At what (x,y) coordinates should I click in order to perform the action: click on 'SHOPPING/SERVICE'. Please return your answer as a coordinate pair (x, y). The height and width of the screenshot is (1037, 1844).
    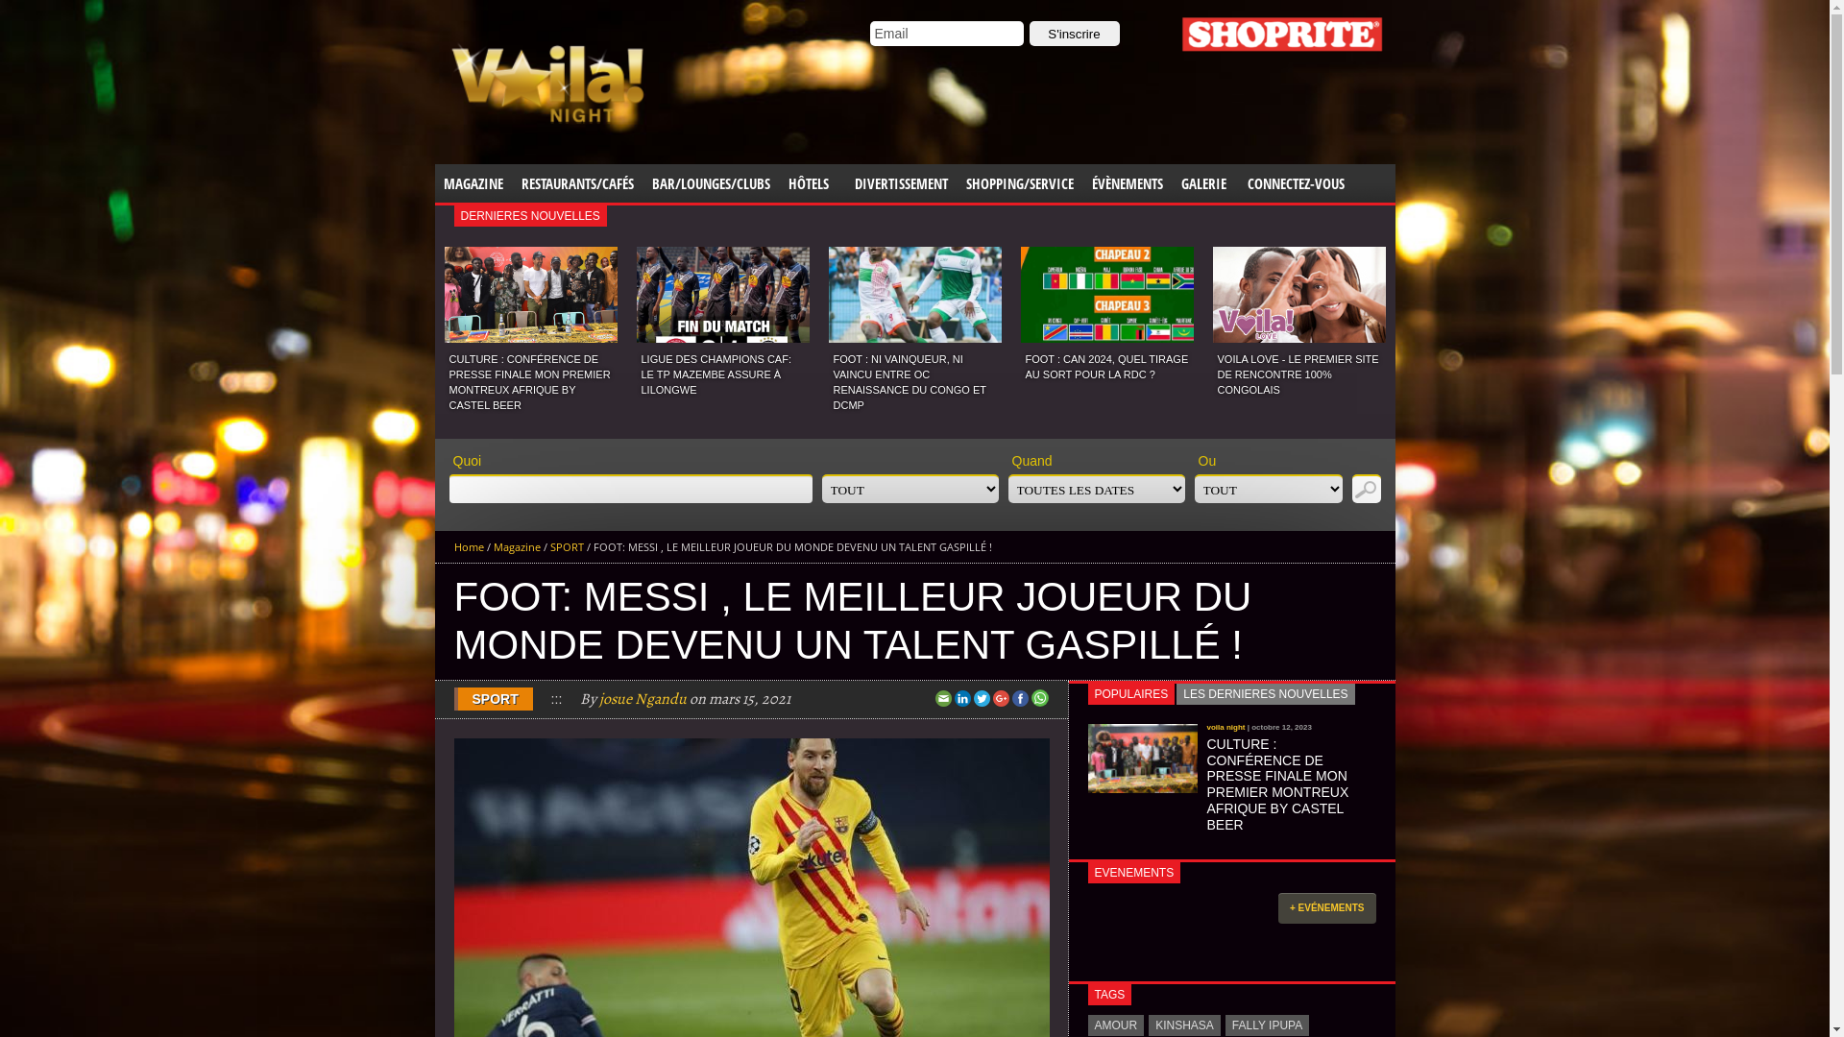
    Looking at the image, I should click on (1017, 182).